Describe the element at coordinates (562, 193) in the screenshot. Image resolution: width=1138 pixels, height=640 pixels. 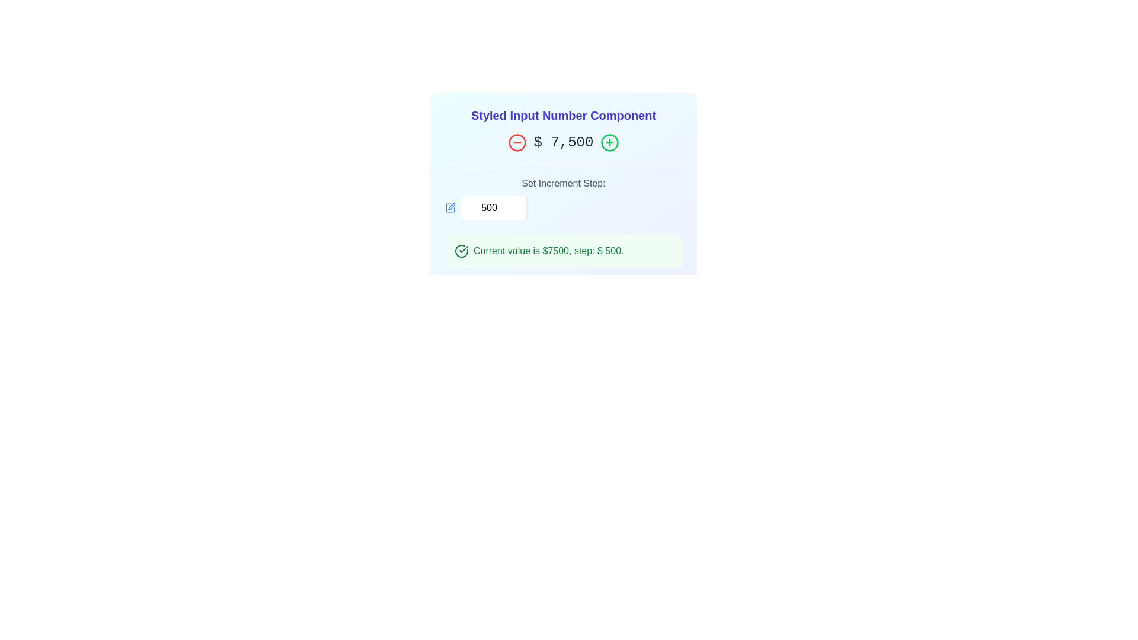
I see `the label element containing the text 'Set Increment Step:', which is centrally aligned below the main numeric display and above the dynamic value summary` at that location.